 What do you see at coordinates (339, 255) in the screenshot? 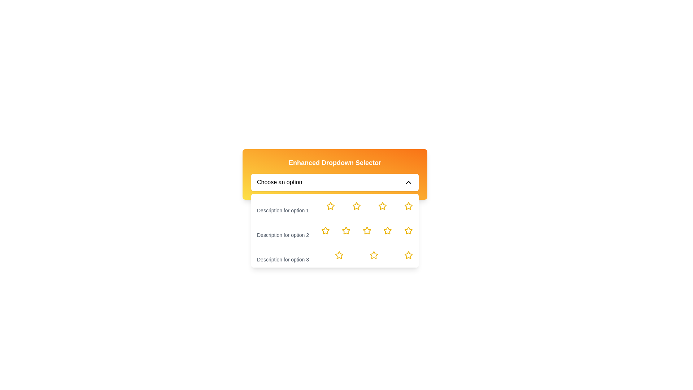
I see `the yellow outlined star icon, which is the third star in the third row of the grid layout, to rate it` at bounding box center [339, 255].